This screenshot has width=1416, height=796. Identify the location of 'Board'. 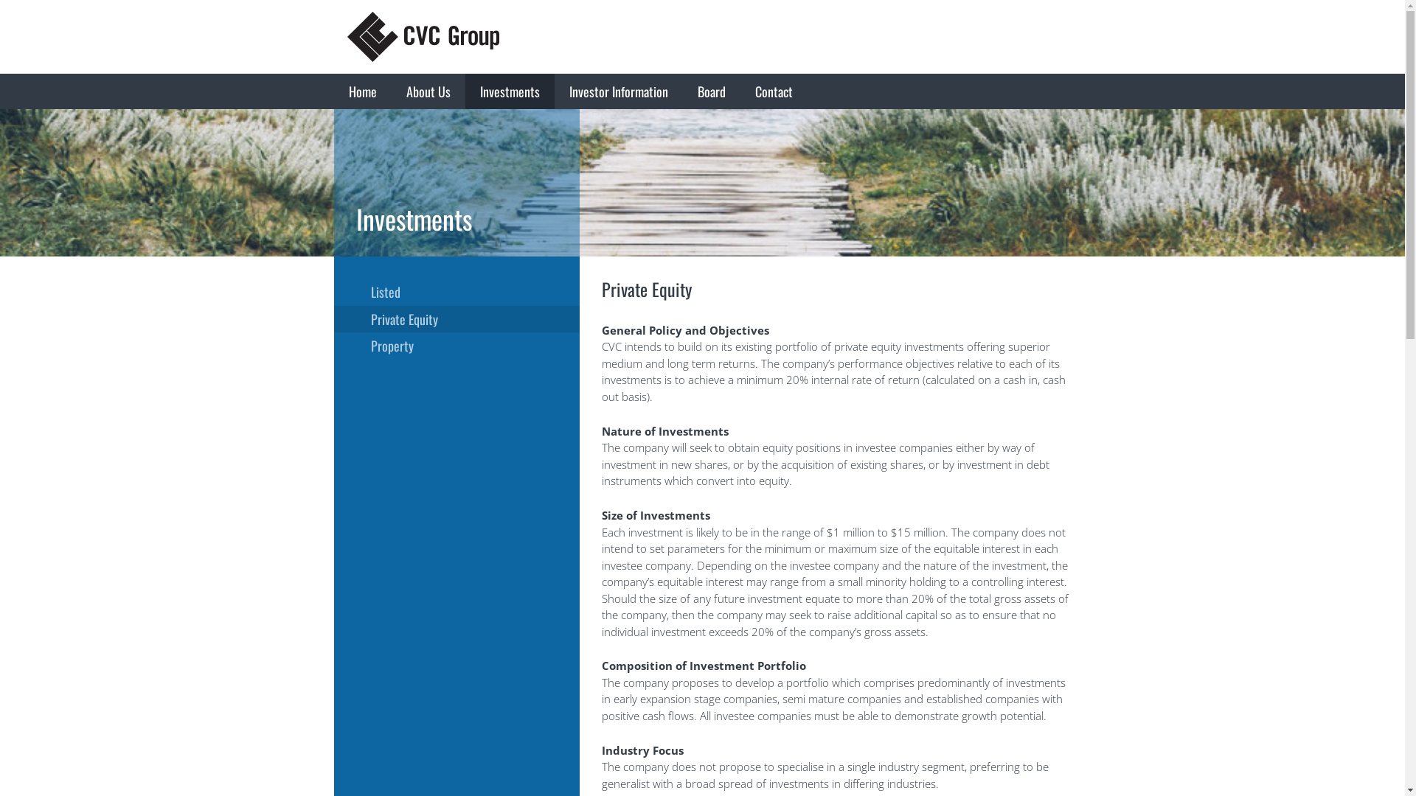
(711, 91).